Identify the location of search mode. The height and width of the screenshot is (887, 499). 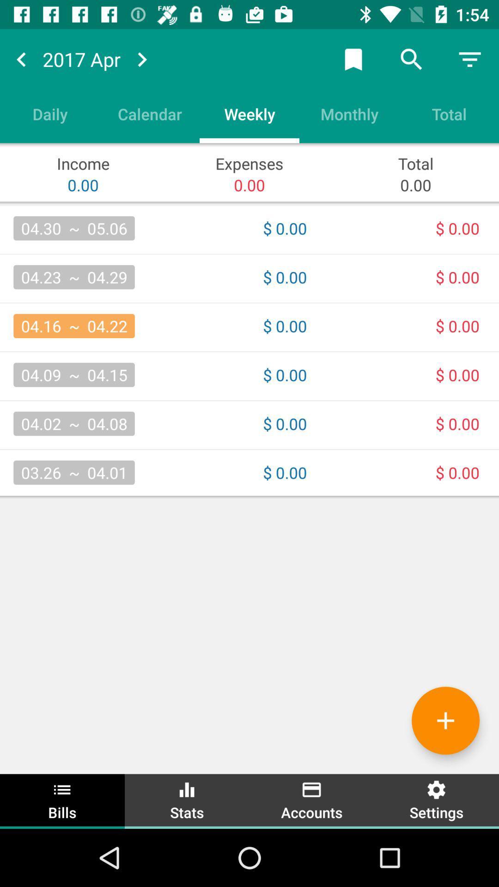
(411, 59).